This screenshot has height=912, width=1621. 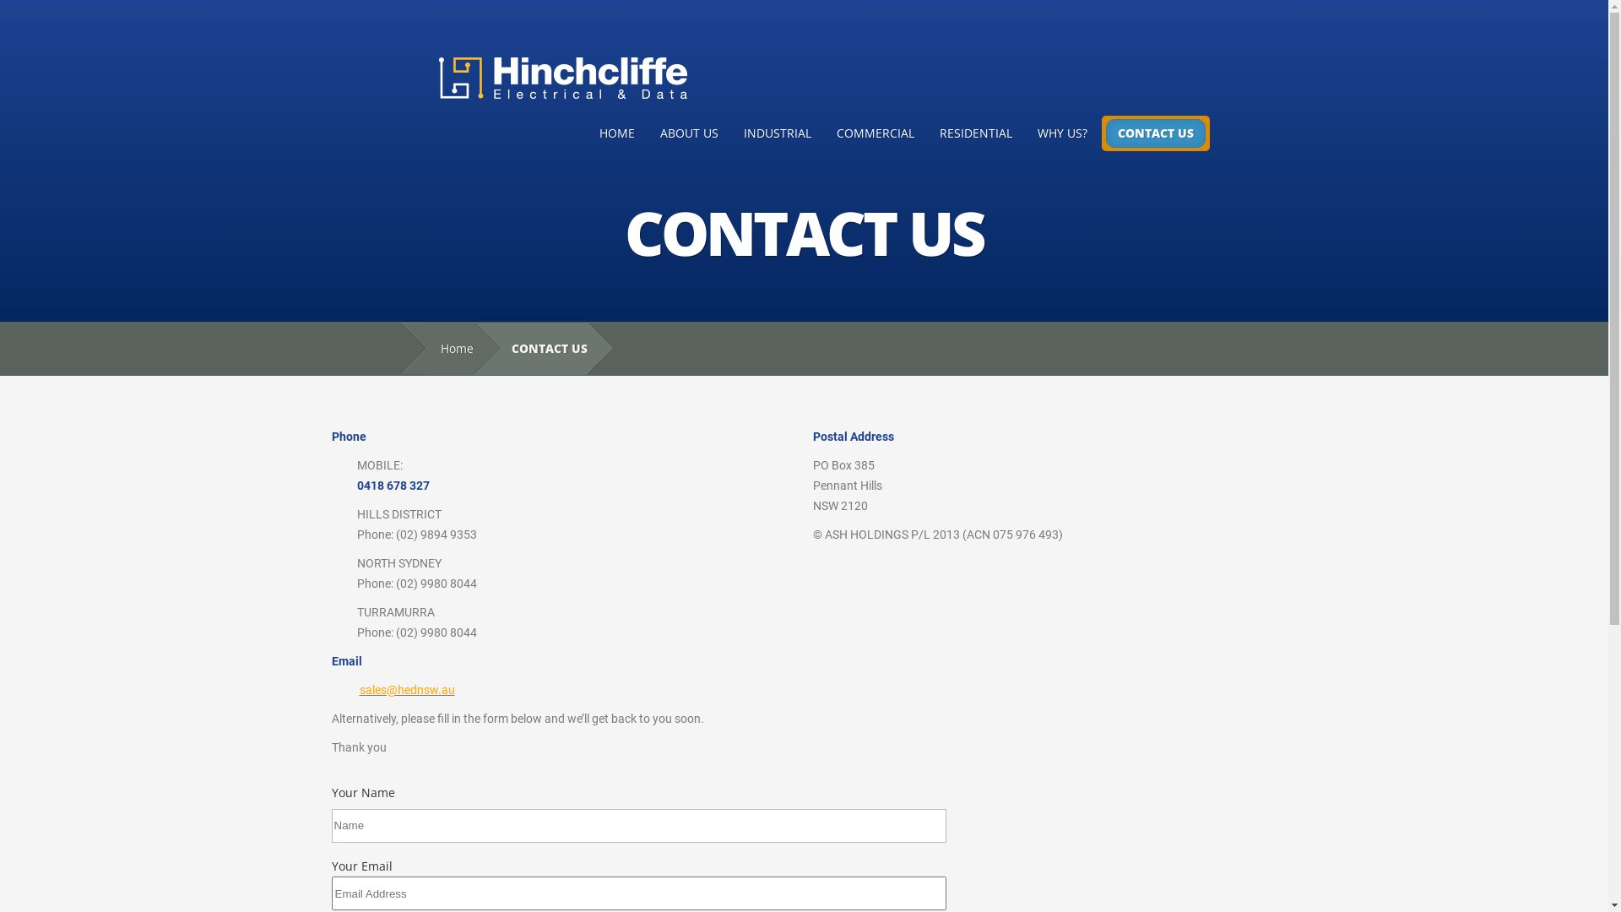 What do you see at coordinates (449, 348) in the screenshot?
I see `'Home'` at bounding box center [449, 348].